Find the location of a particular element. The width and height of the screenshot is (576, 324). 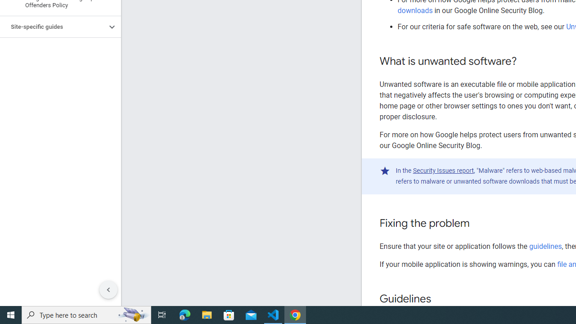

'Copy link to this section: Fixing the problem' is located at coordinates (478, 223).